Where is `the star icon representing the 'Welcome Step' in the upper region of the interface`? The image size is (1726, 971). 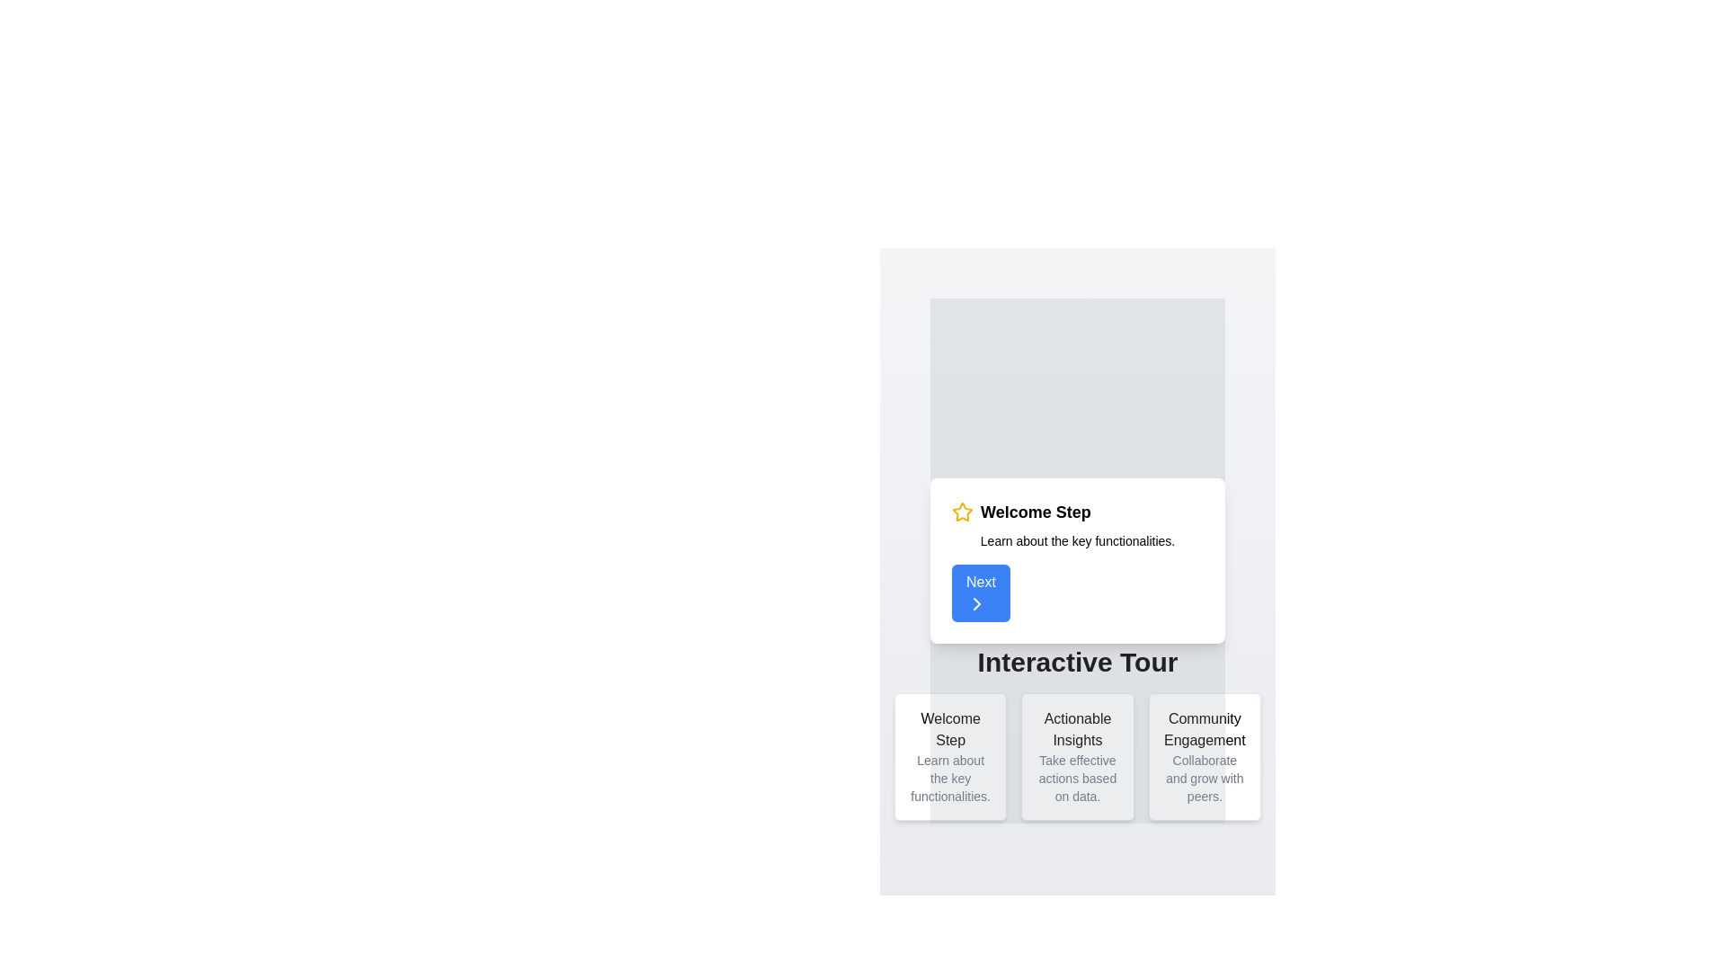
the star icon representing the 'Welcome Step' in the upper region of the interface is located at coordinates (961, 512).